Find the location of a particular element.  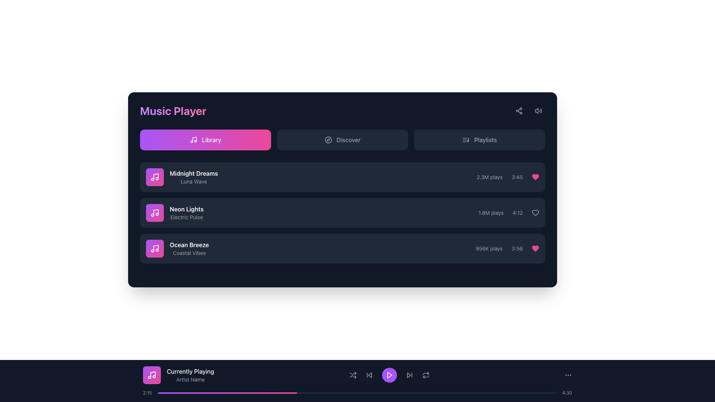

the 'Discover' button located in the middle of the three-column layout is located at coordinates (342, 140).